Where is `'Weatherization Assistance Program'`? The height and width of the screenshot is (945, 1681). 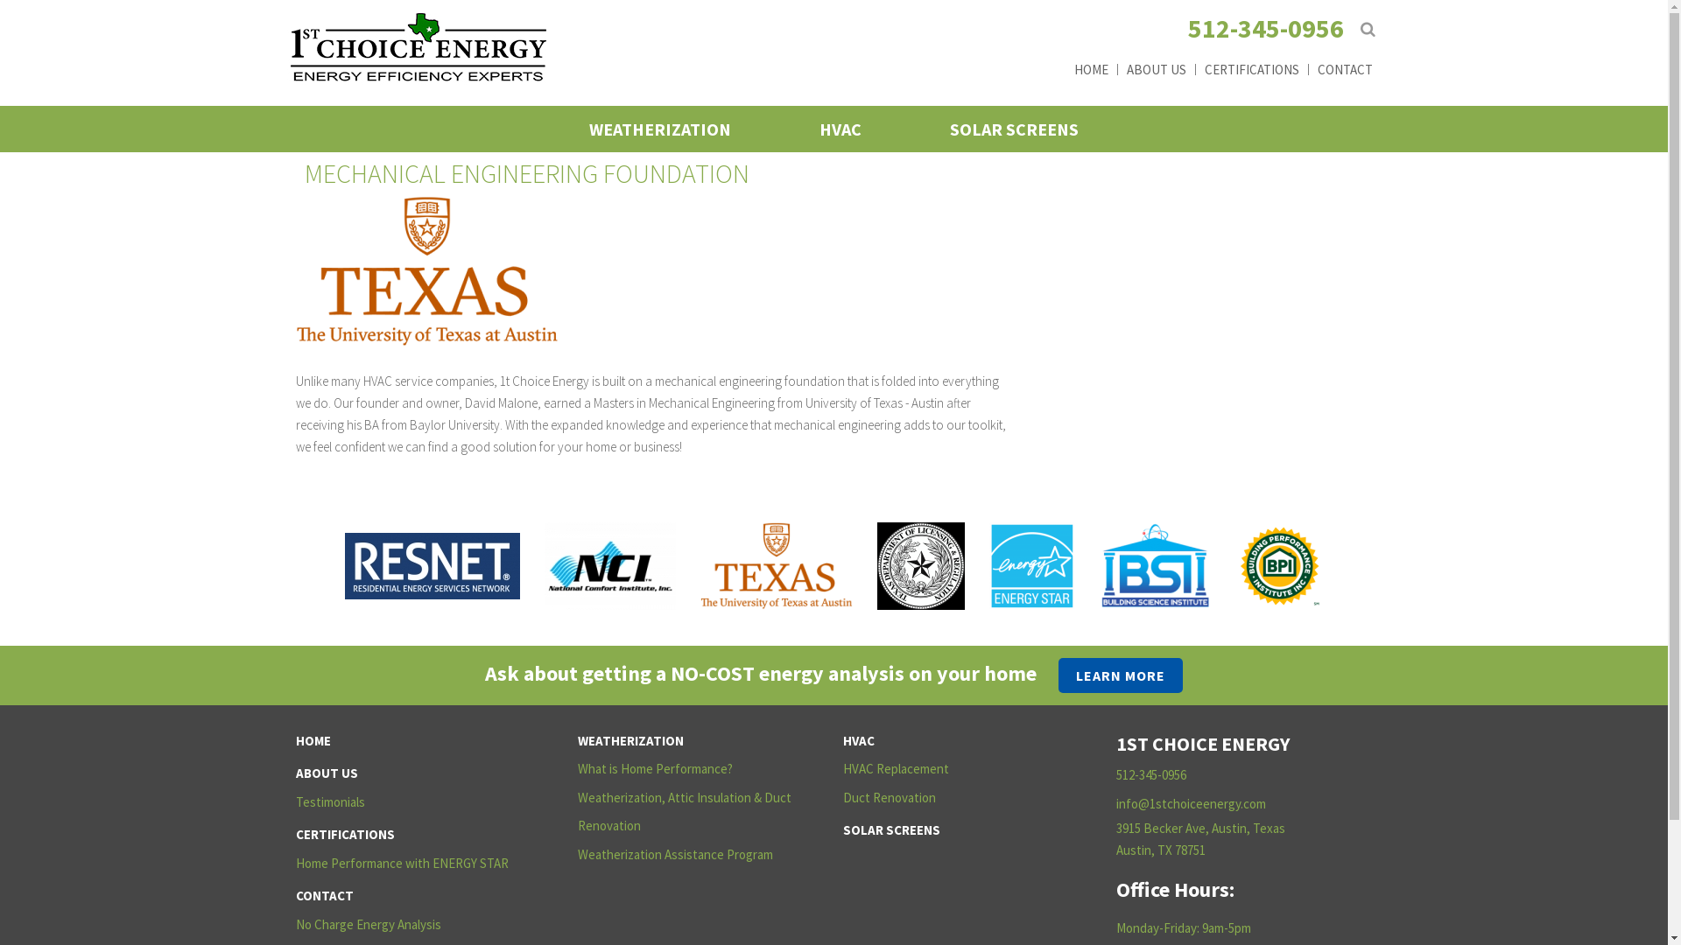
'Weatherization Assistance Program' is located at coordinates (696, 854).